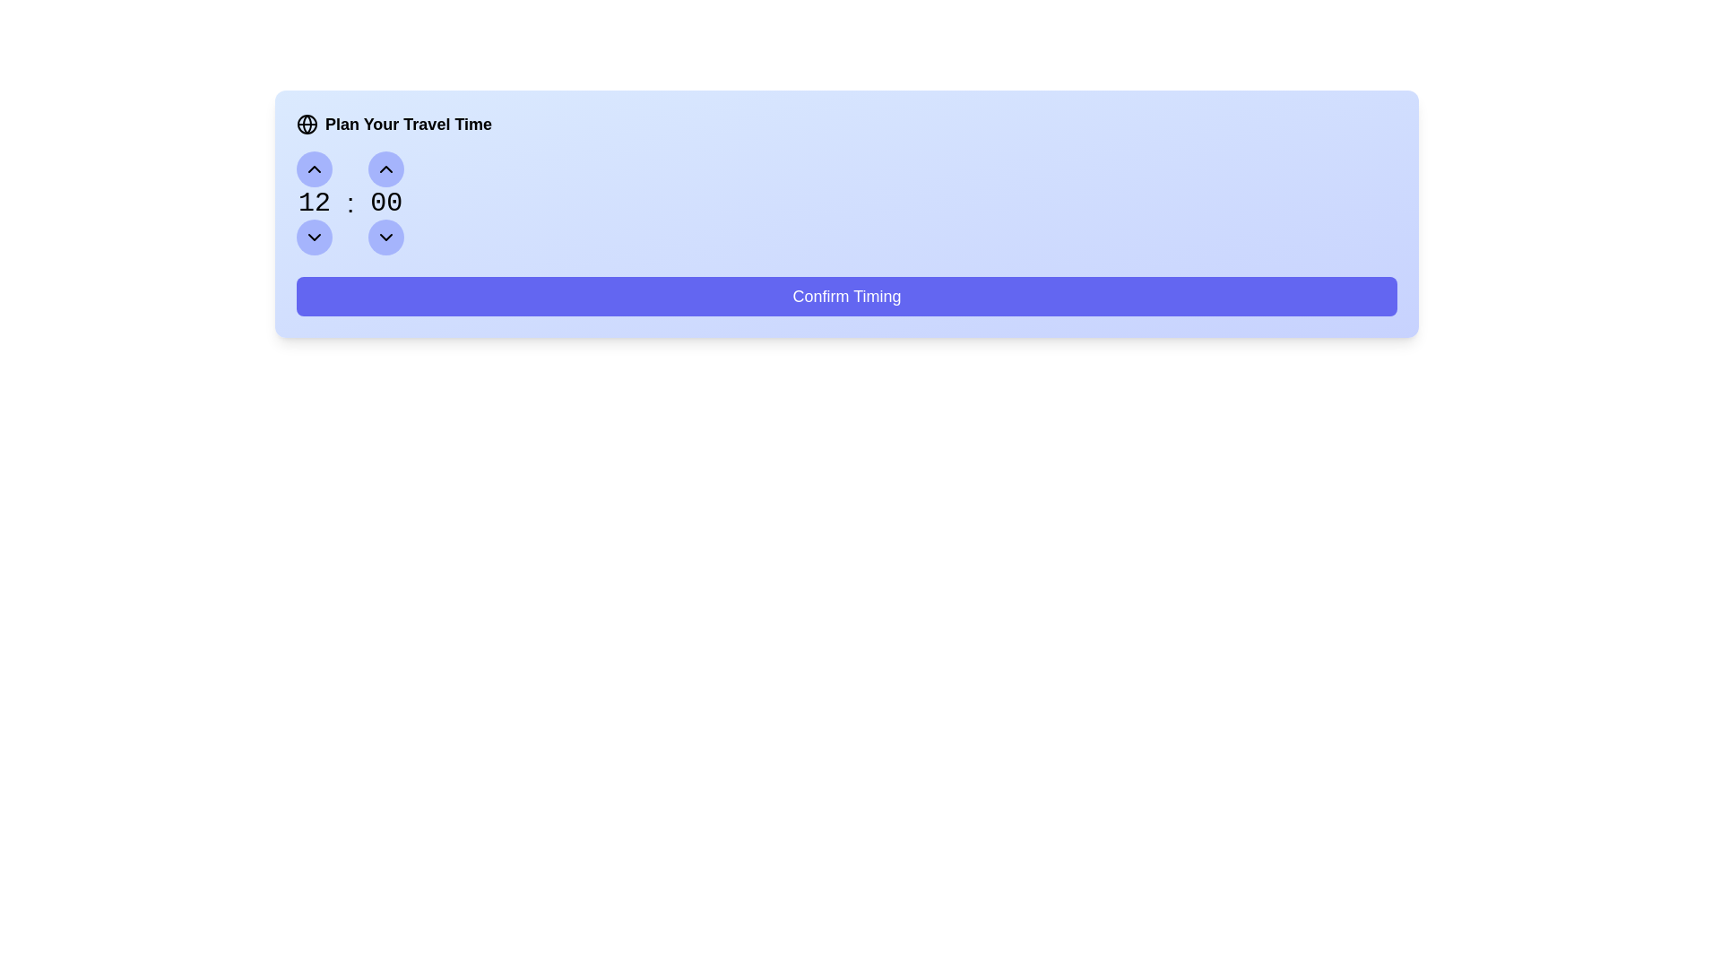  I want to click on the chevron-down SVG icon within its circular button located in the lower-left of the time configuration interface, so click(385, 237).